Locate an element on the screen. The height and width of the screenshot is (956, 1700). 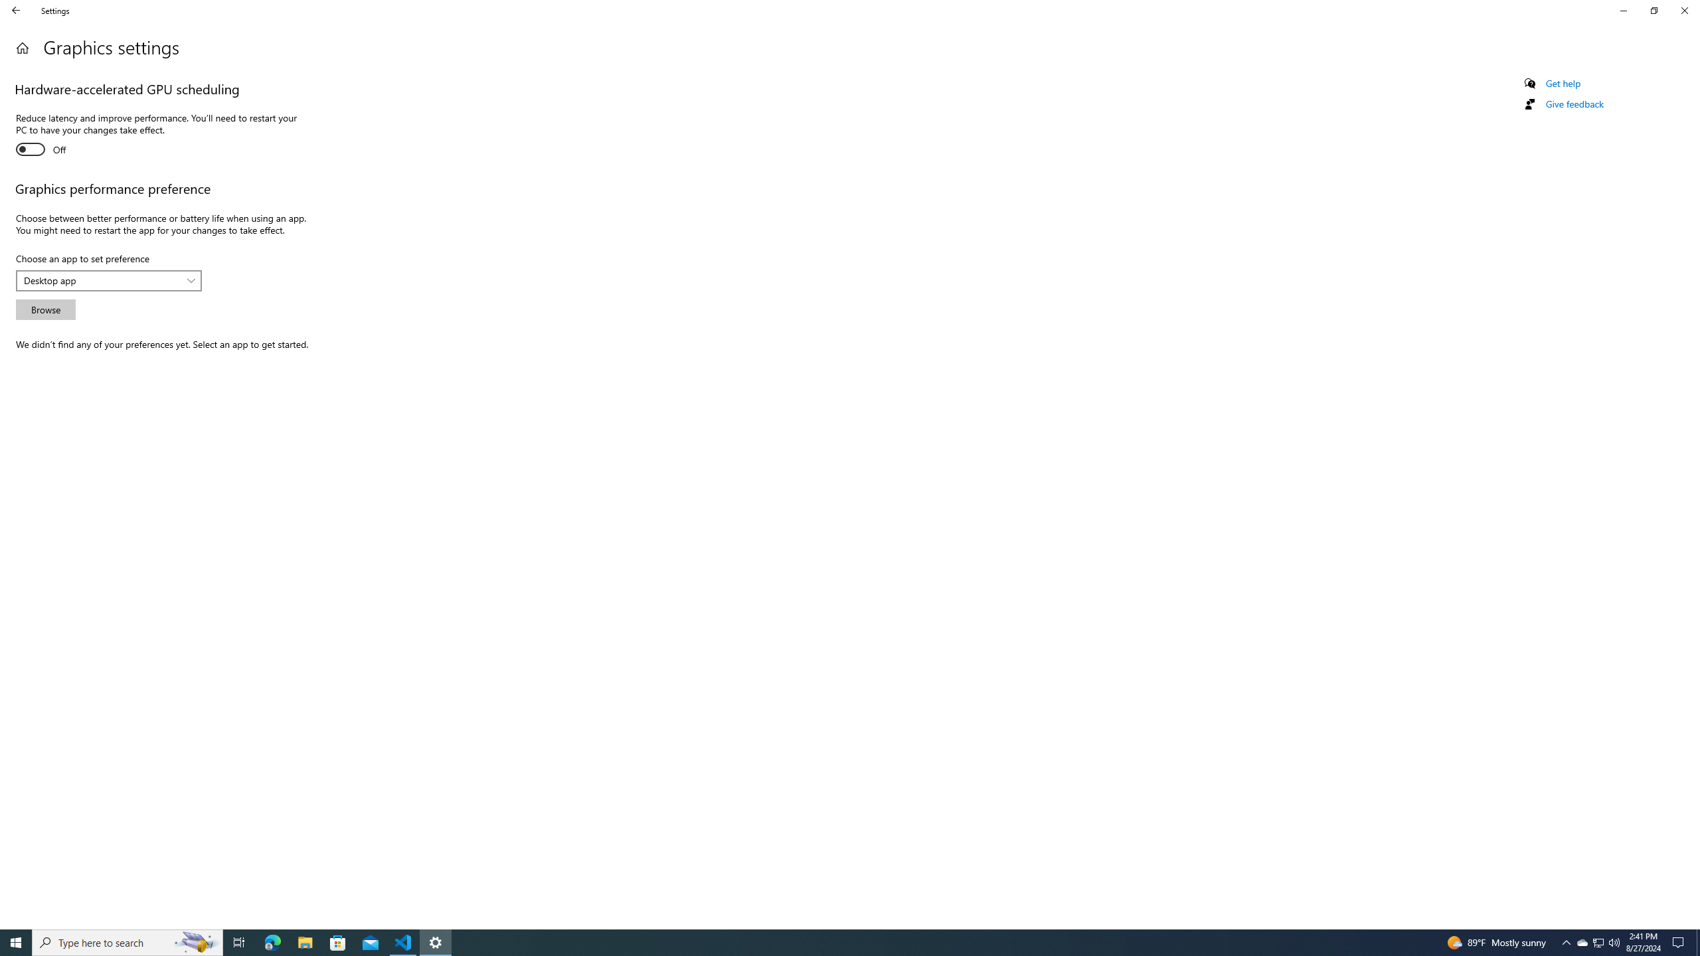
'Home' is located at coordinates (22, 48).